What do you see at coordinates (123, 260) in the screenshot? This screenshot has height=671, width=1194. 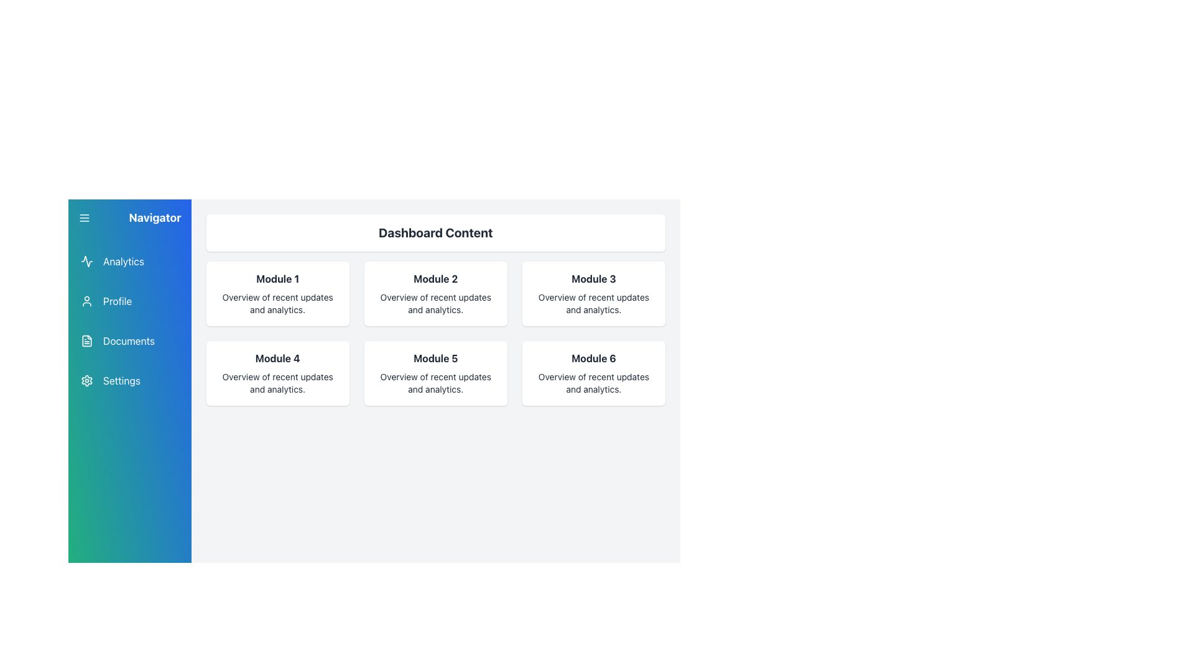 I see `the 'Analytics' text label located in the left sidebar under the 'Navigator' section` at bounding box center [123, 260].